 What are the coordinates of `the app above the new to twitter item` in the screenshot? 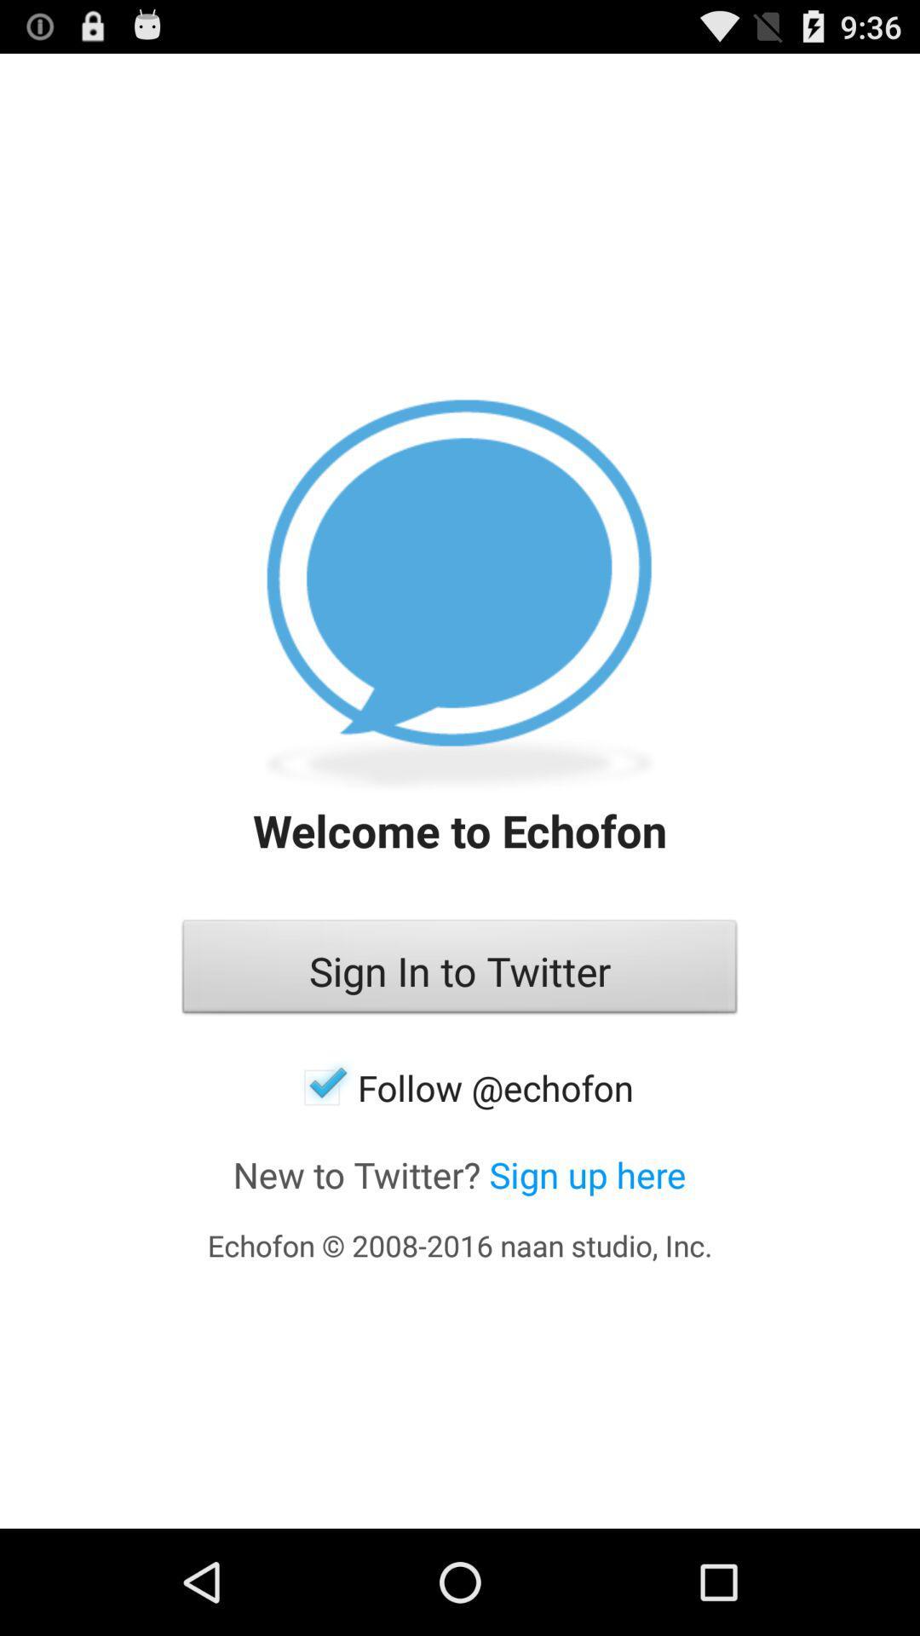 It's located at (460, 1086).